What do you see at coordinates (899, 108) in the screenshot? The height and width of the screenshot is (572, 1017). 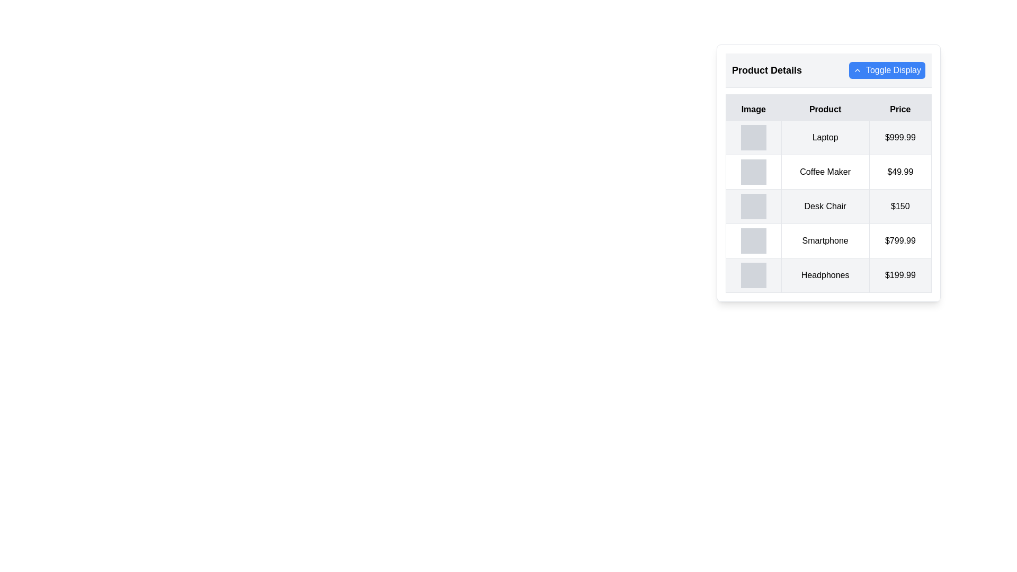 I see `the 'Price' table header cell, which is the last header in the row, styled with centered text and a bordered background` at bounding box center [899, 108].